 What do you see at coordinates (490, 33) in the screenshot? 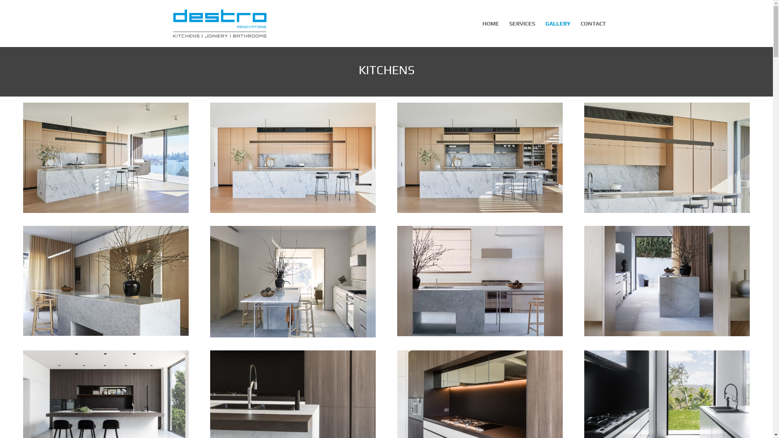
I see `'HOME'` at bounding box center [490, 33].